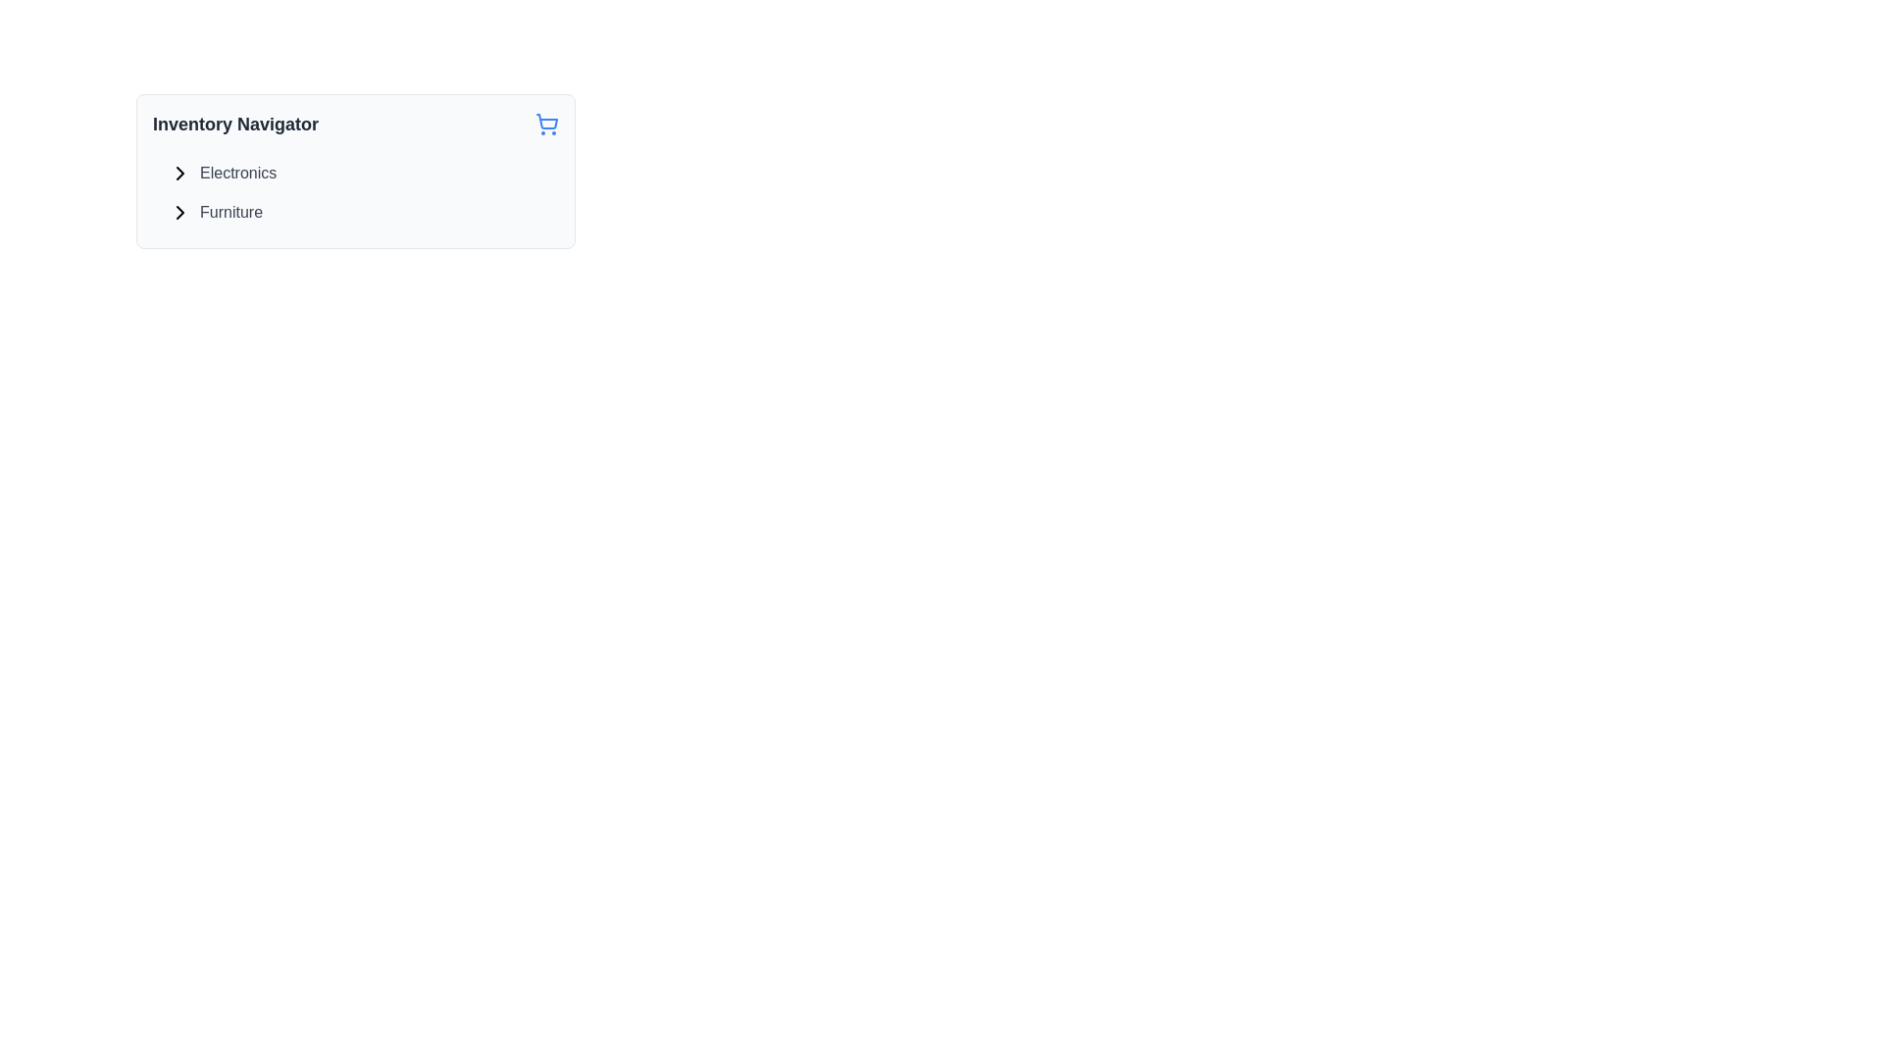 This screenshot has width=1883, height=1059. Describe the element at coordinates (546, 125) in the screenshot. I see `the blue shopping cart icon located in the top-right corner of the 'Inventory Navigator' section, aligned with the bold title text 'Inventory Navigator'` at that location.